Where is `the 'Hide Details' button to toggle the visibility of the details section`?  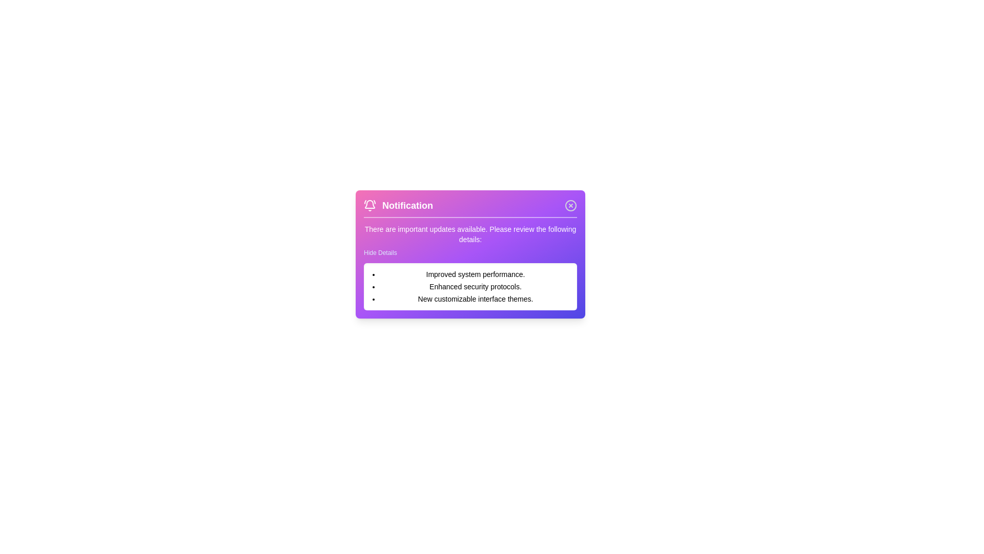 the 'Hide Details' button to toggle the visibility of the details section is located at coordinates (380, 253).